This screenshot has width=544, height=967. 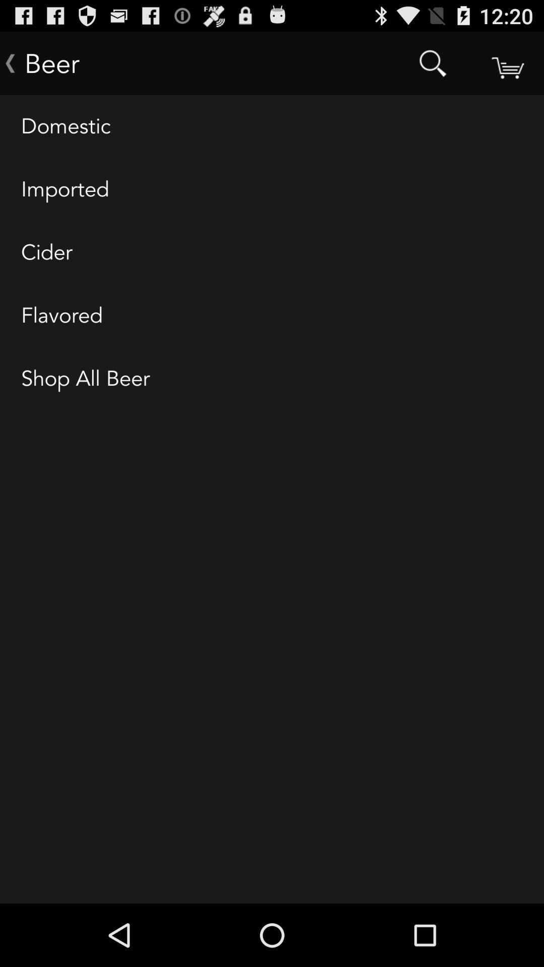 I want to click on icon below the imported icon, so click(x=272, y=253).